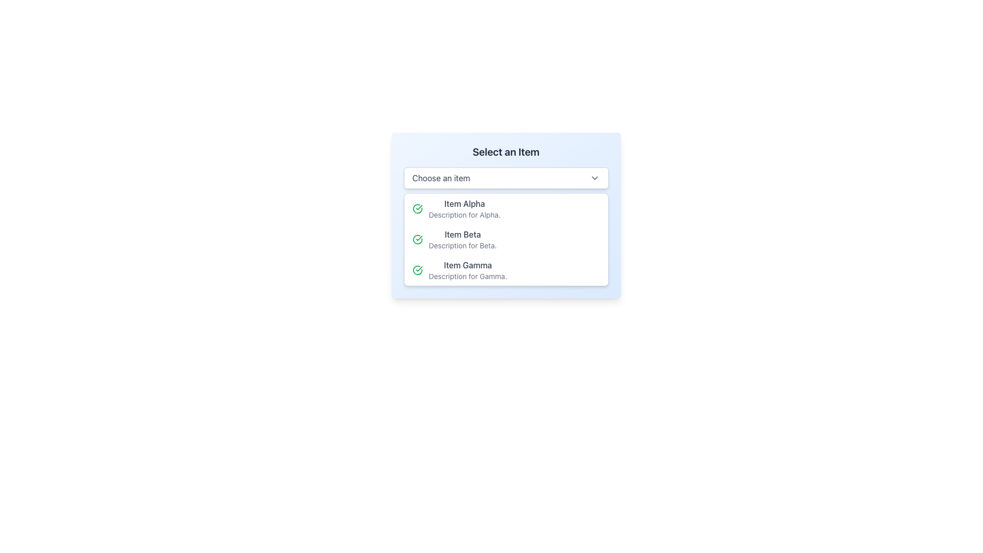 This screenshot has height=553, width=983. Describe the element at coordinates (506, 152) in the screenshot. I see `the Text Label element serving as a header for the dropdown menu labeled 'Choose an item'` at that location.